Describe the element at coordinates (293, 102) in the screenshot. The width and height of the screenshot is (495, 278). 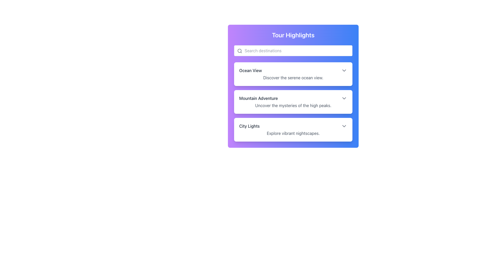
I see `the second card in the vertical stack, which displays information about 'Mountain Adventure'` at that location.